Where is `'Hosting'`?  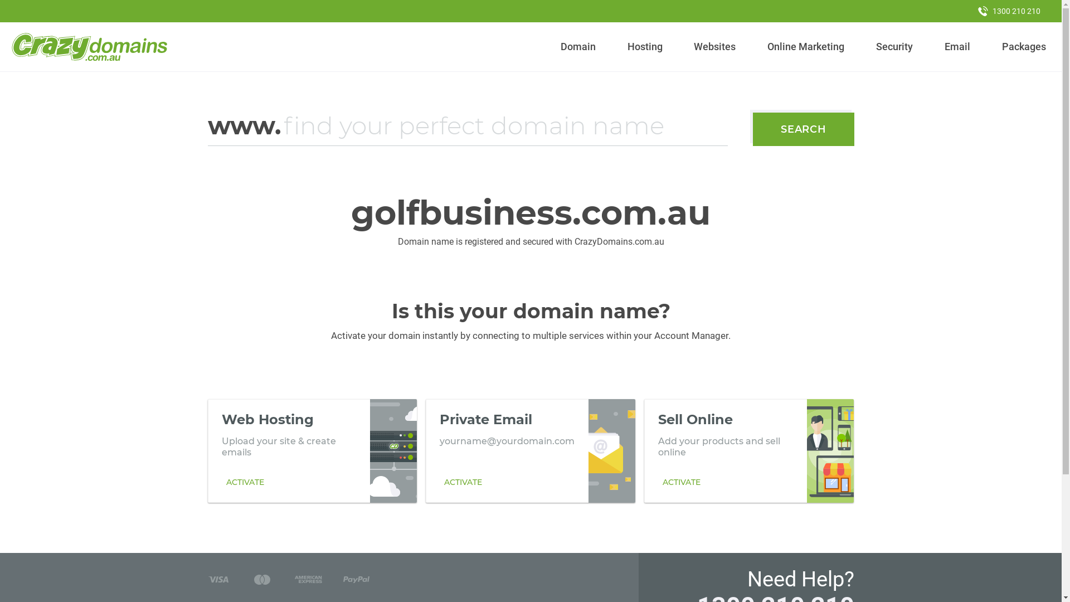 'Hosting' is located at coordinates (644, 46).